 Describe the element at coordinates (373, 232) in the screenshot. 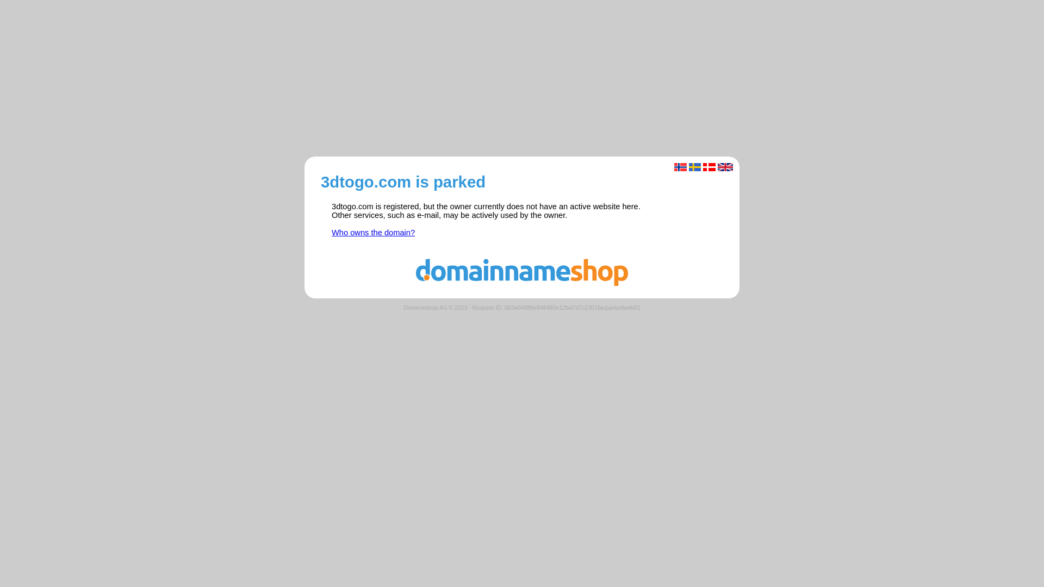

I see `'Who owns the domain?'` at that location.